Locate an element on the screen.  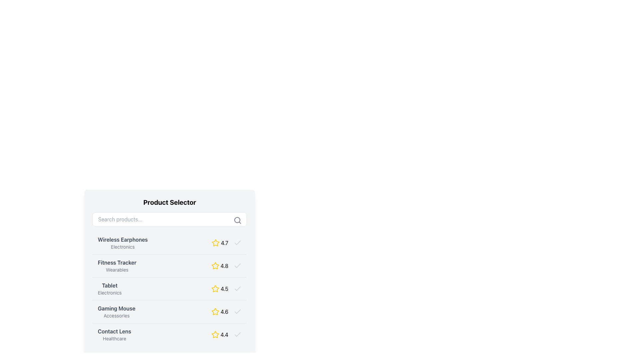
the 'Contact Lens' text label, which is bold, dark gray, and located above the 'Healthcare' text label at the bottom of the list is located at coordinates (114, 331).